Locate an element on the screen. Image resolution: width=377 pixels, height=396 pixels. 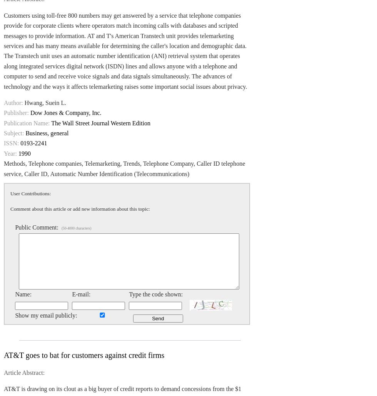
'Publisher:' is located at coordinates (16, 112).